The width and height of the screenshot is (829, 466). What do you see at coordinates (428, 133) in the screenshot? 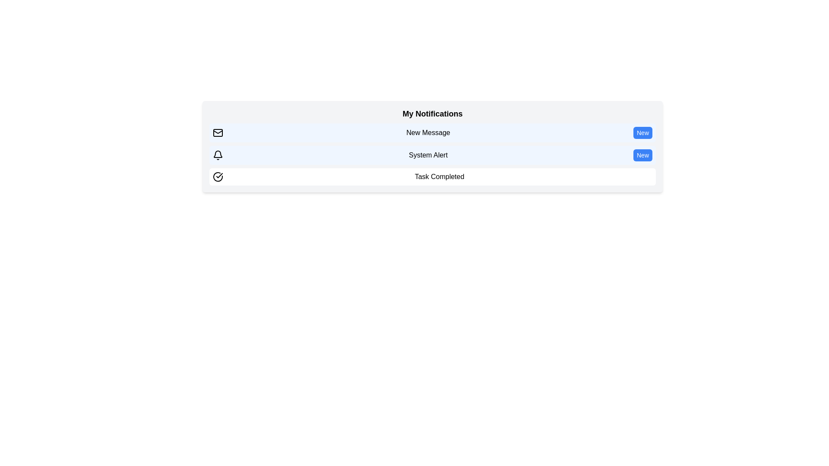
I see `the 'New Message' label in the second row of the notification list, which is centrally positioned between an envelope icon and a 'New' tag` at bounding box center [428, 133].